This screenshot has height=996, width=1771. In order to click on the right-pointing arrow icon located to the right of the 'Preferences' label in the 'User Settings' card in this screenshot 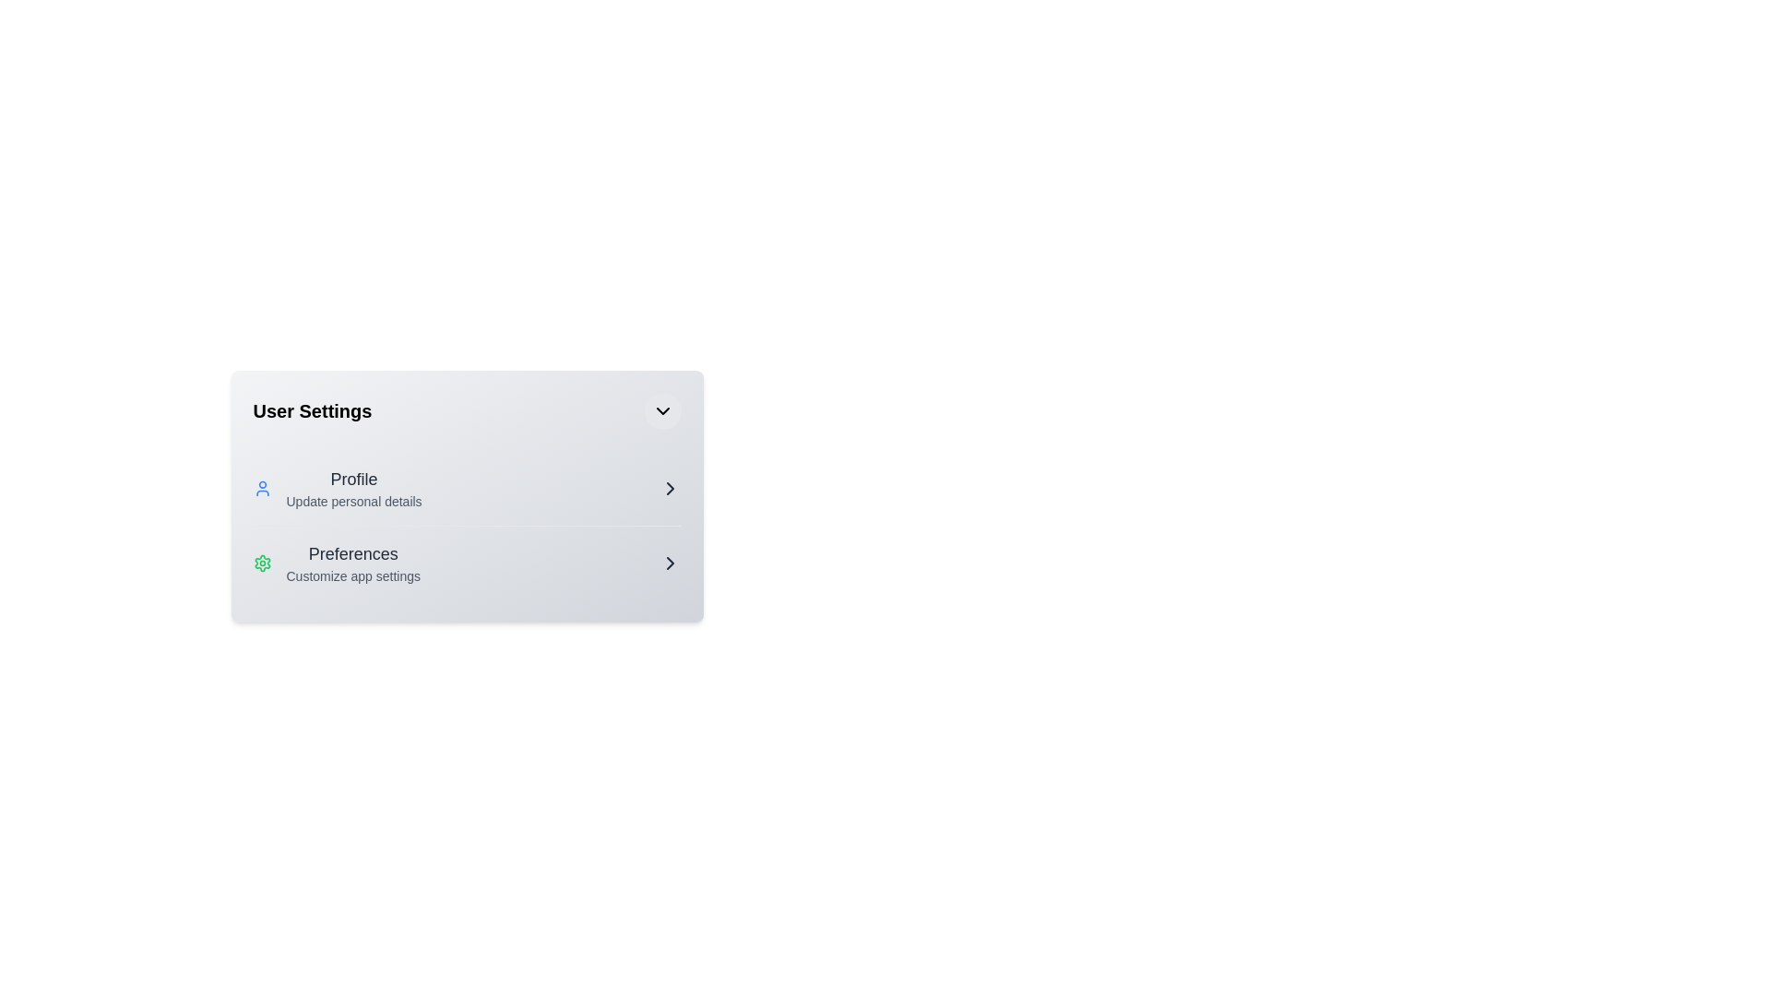, I will do `click(669, 562)`.